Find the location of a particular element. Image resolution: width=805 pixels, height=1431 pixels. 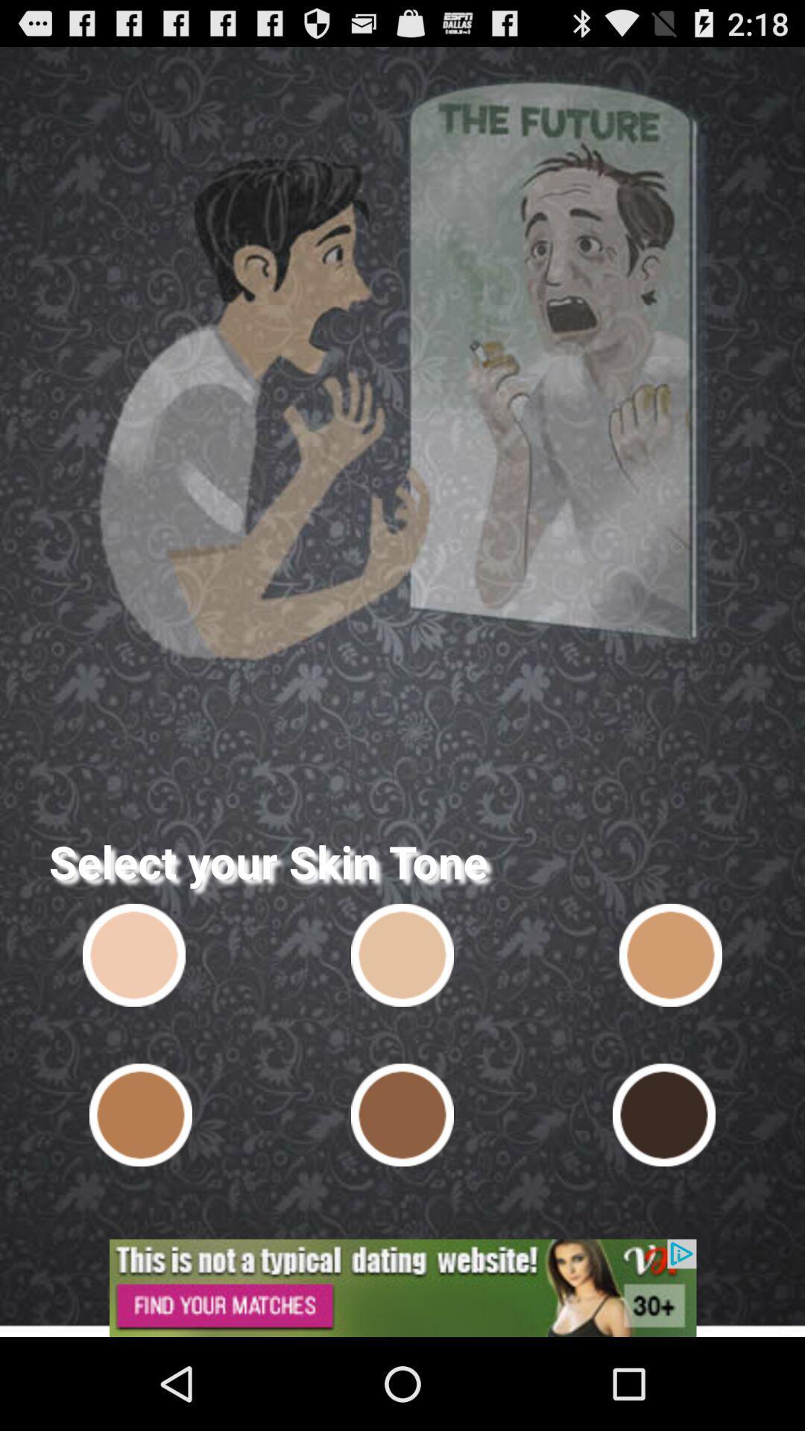

take you in future and show you how your face look like in old age is located at coordinates (134, 955).